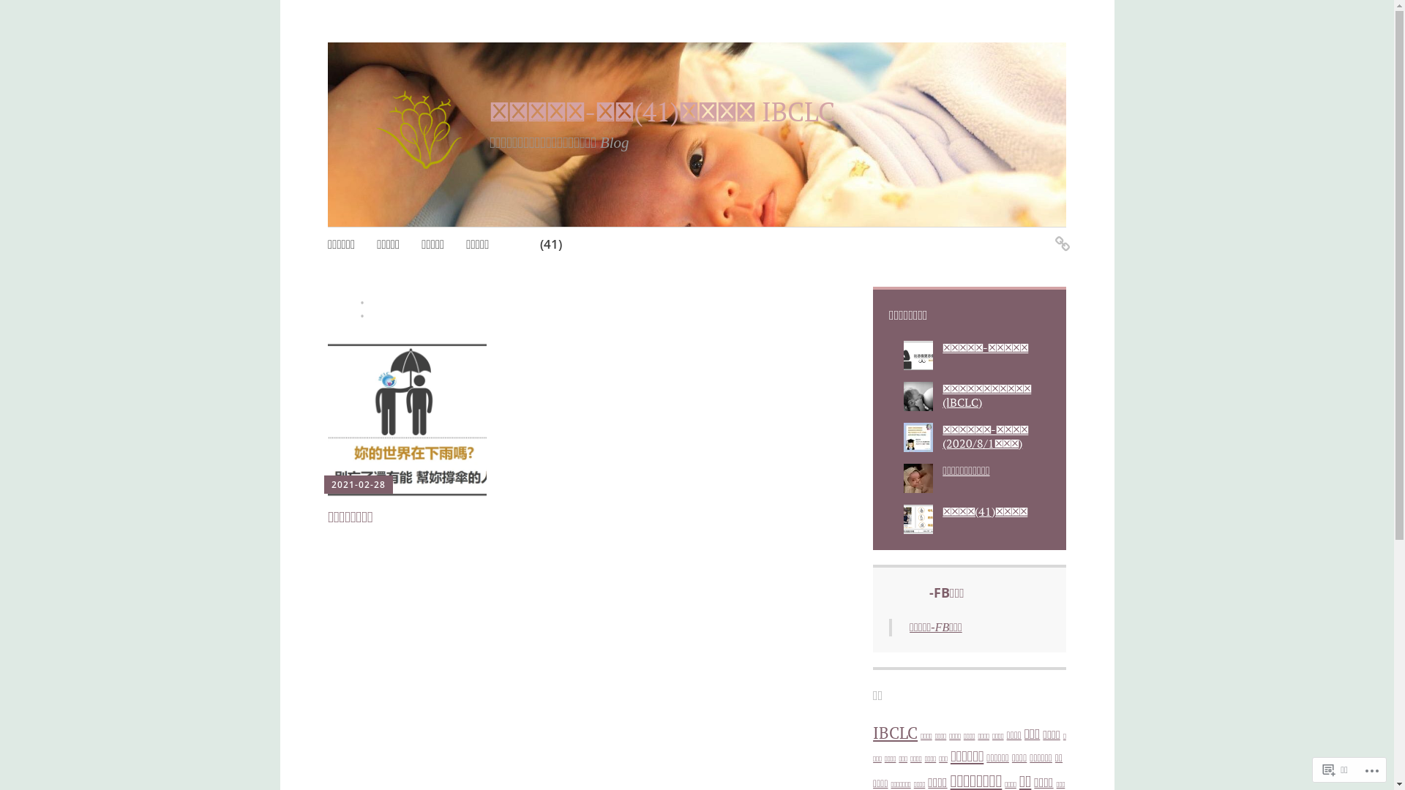  Describe the element at coordinates (894, 733) in the screenshot. I see `'IBCLC'` at that location.